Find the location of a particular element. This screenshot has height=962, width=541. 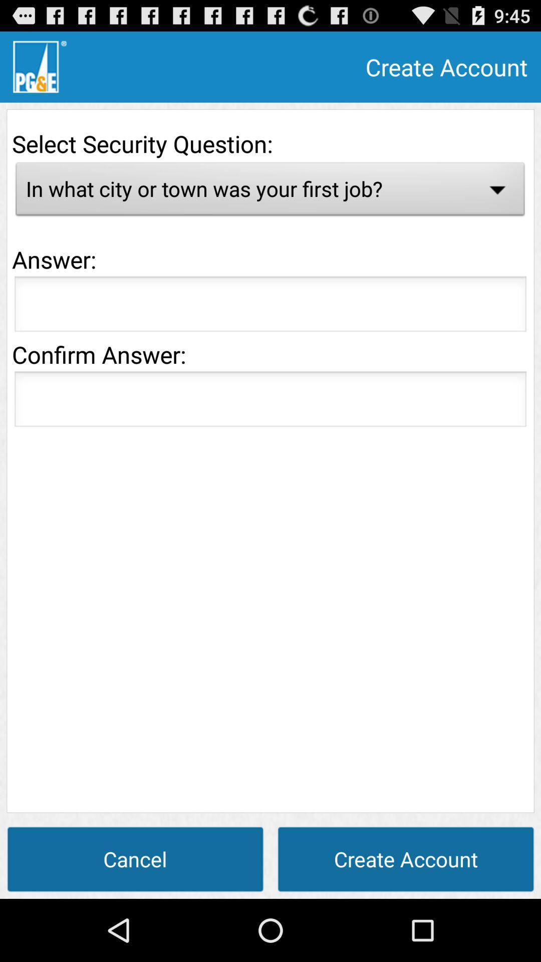

information is located at coordinates (270, 402).